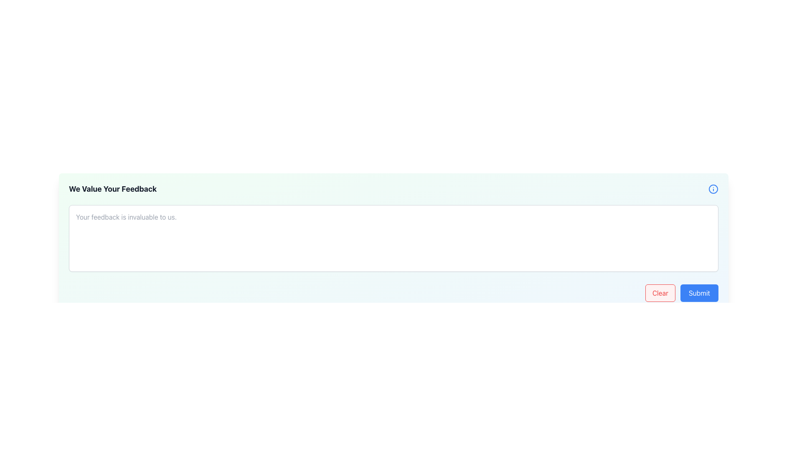 This screenshot has width=802, height=451. What do you see at coordinates (713, 189) in the screenshot?
I see `the information/help icon located at the far right of the top bar of the feedback form panel` at bounding box center [713, 189].